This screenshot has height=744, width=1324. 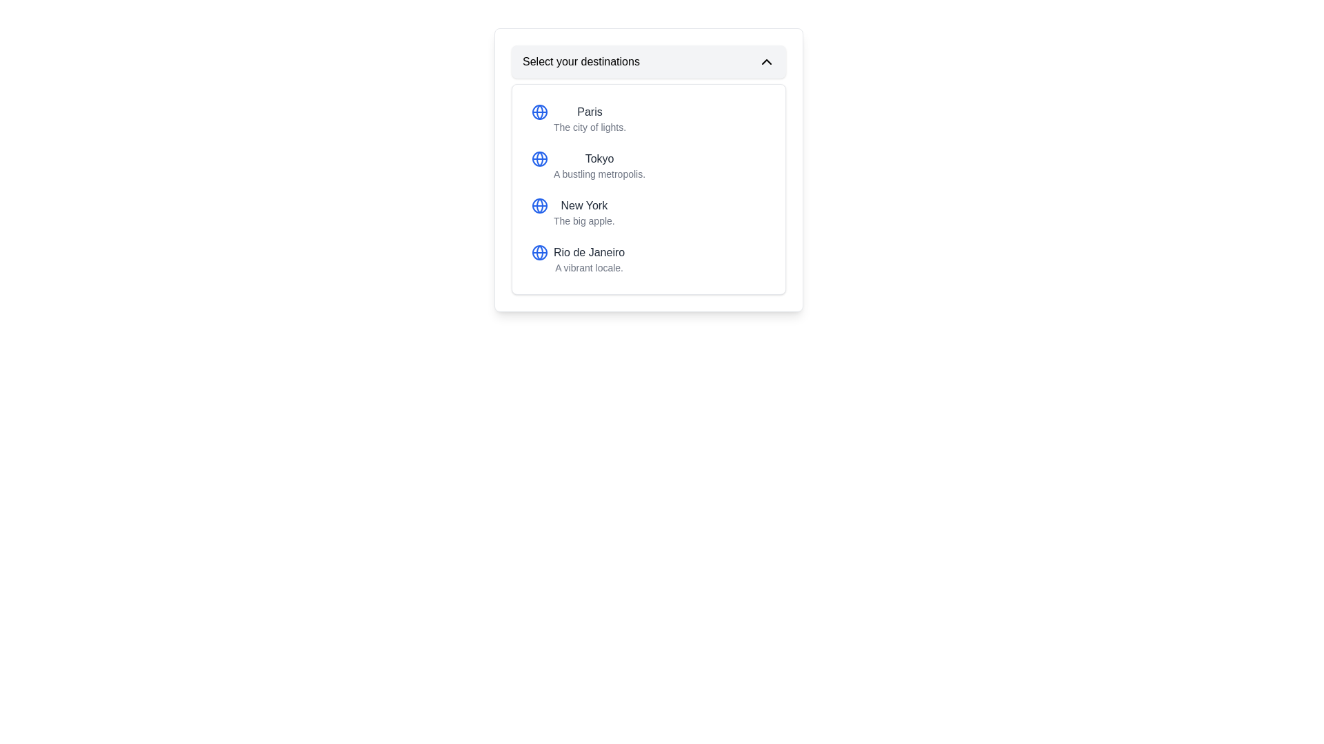 What do you see at coordinates (648, 260) in the screenshot?
I see `the 'Rio de Janeiro' option in the dropdown menu by moving the cursor to its center` at bounding box center [648, 260].